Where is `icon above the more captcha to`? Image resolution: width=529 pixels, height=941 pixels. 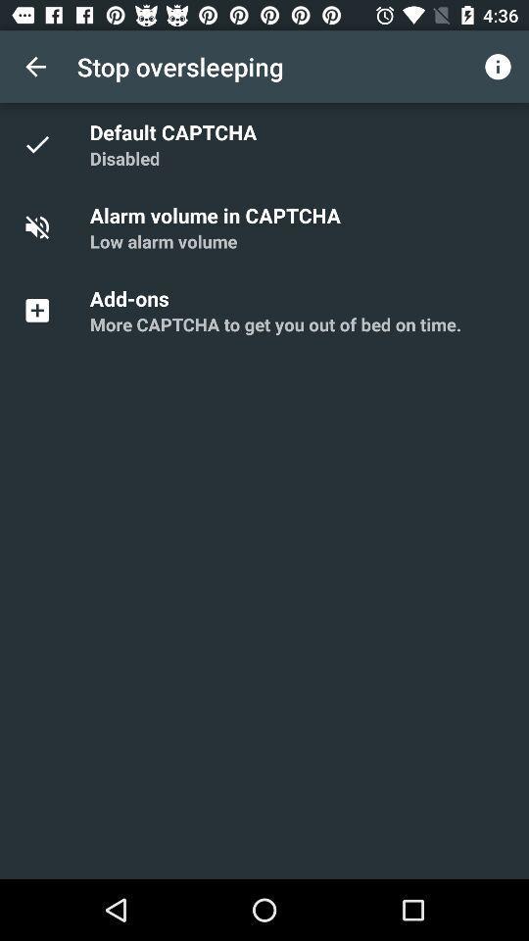
icon above the more captcha to is located at coordinates (132, 298).